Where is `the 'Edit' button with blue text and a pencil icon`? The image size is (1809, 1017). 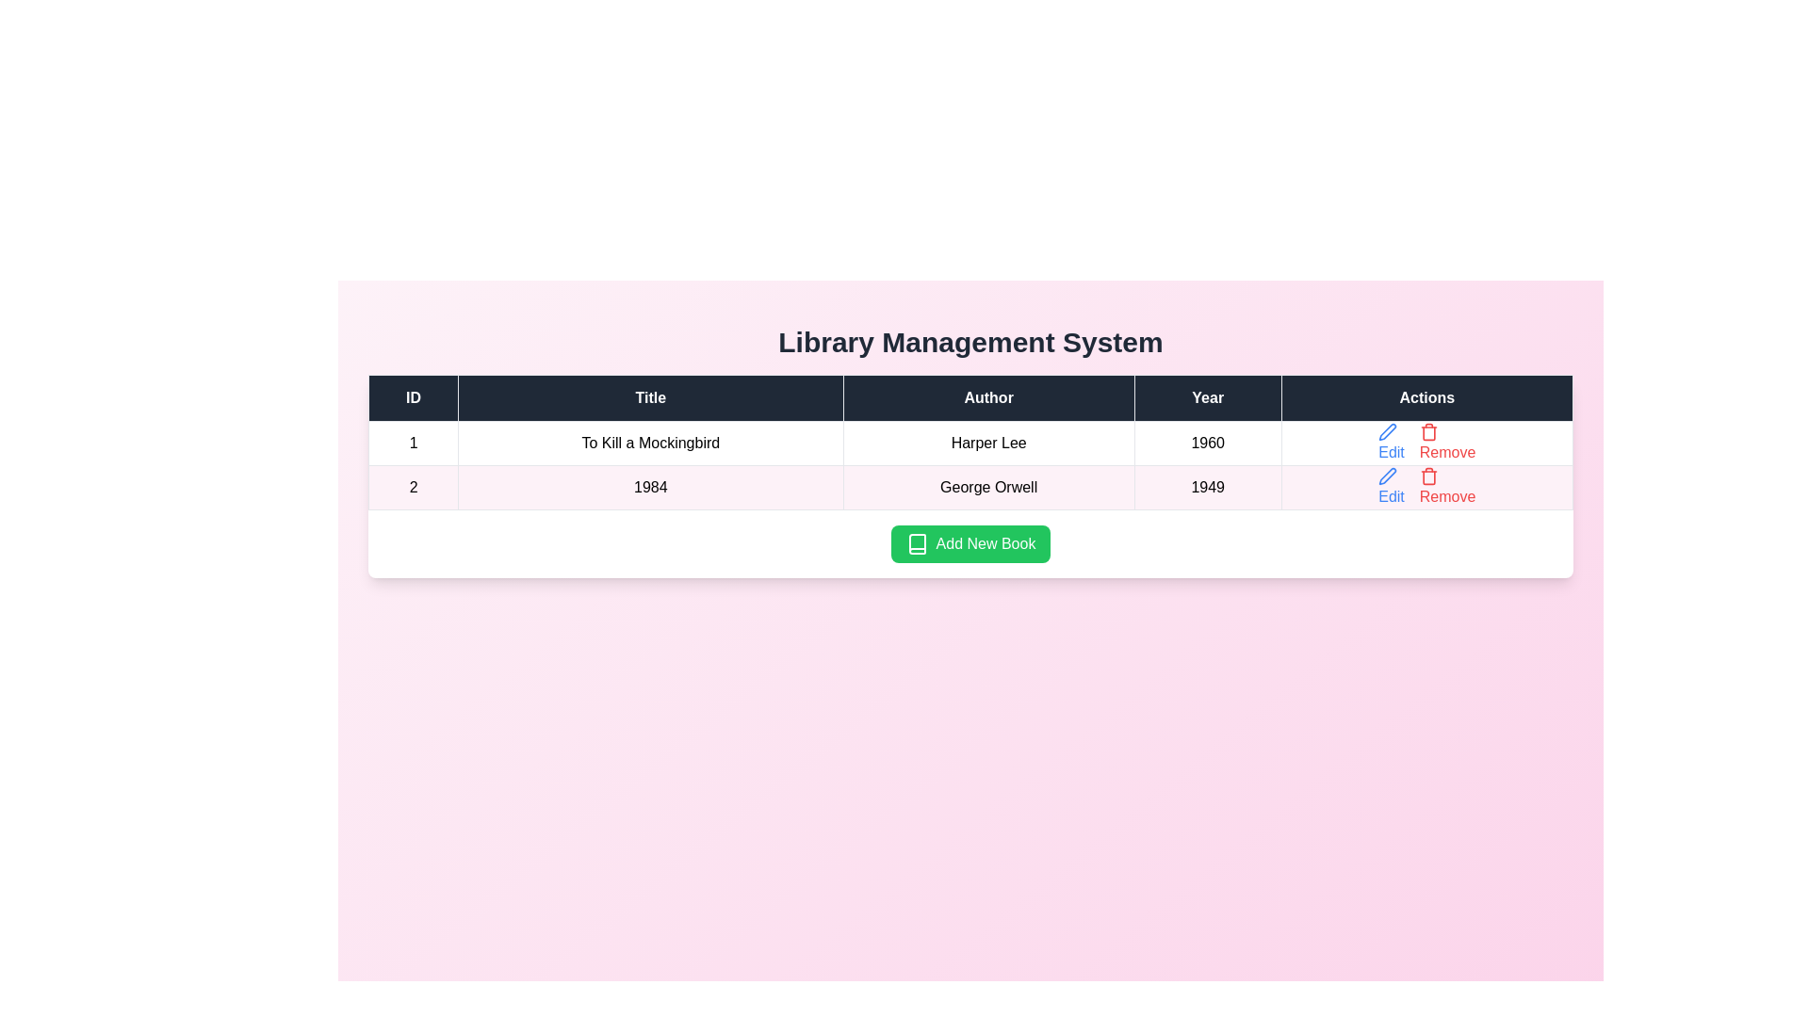 the 'Edit' button with blue text and a pencil icon is located at coordinates (1392, 443).